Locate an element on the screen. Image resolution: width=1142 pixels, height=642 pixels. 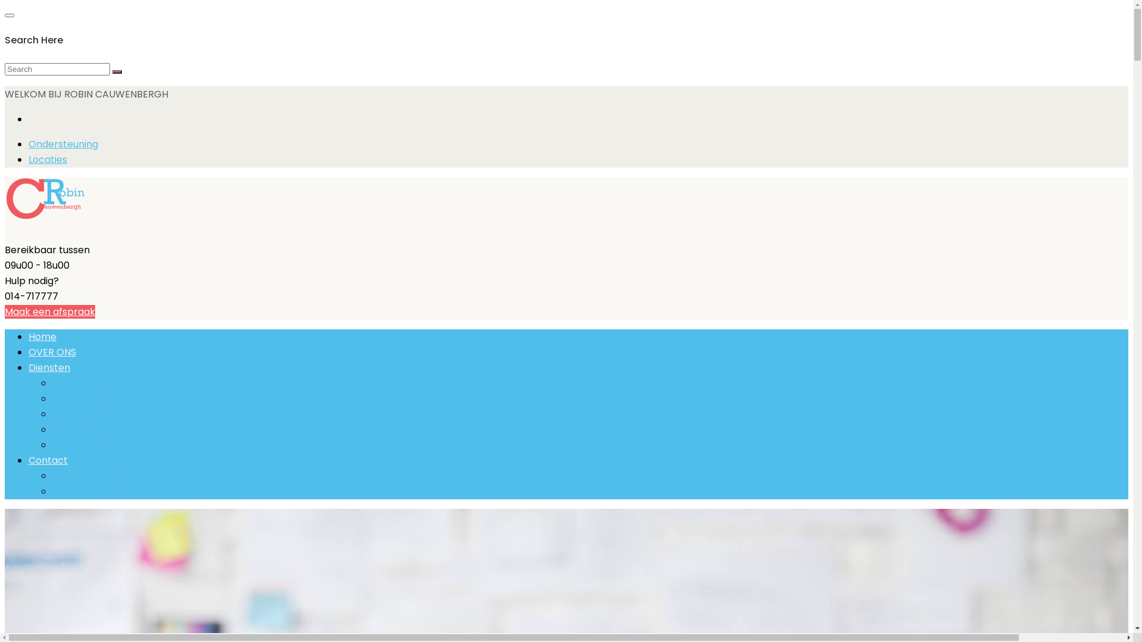
'Beveiliging' is located at coordinates (51, 429).